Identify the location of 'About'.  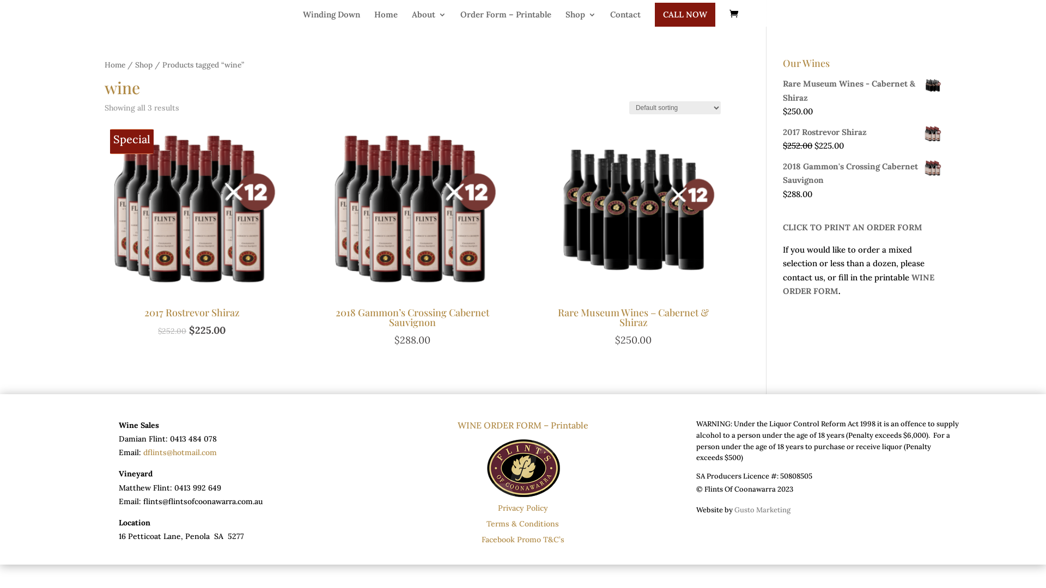
(411, 16).